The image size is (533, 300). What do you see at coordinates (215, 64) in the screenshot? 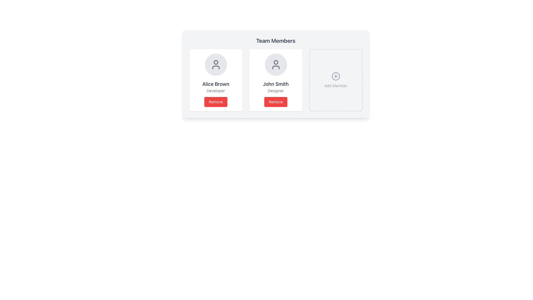
I see `the user profile icon located in the left profile card of the 'Team Members' section, above the text 'Alice Brown' and 'Developer'` at bounding box center [215, 64].